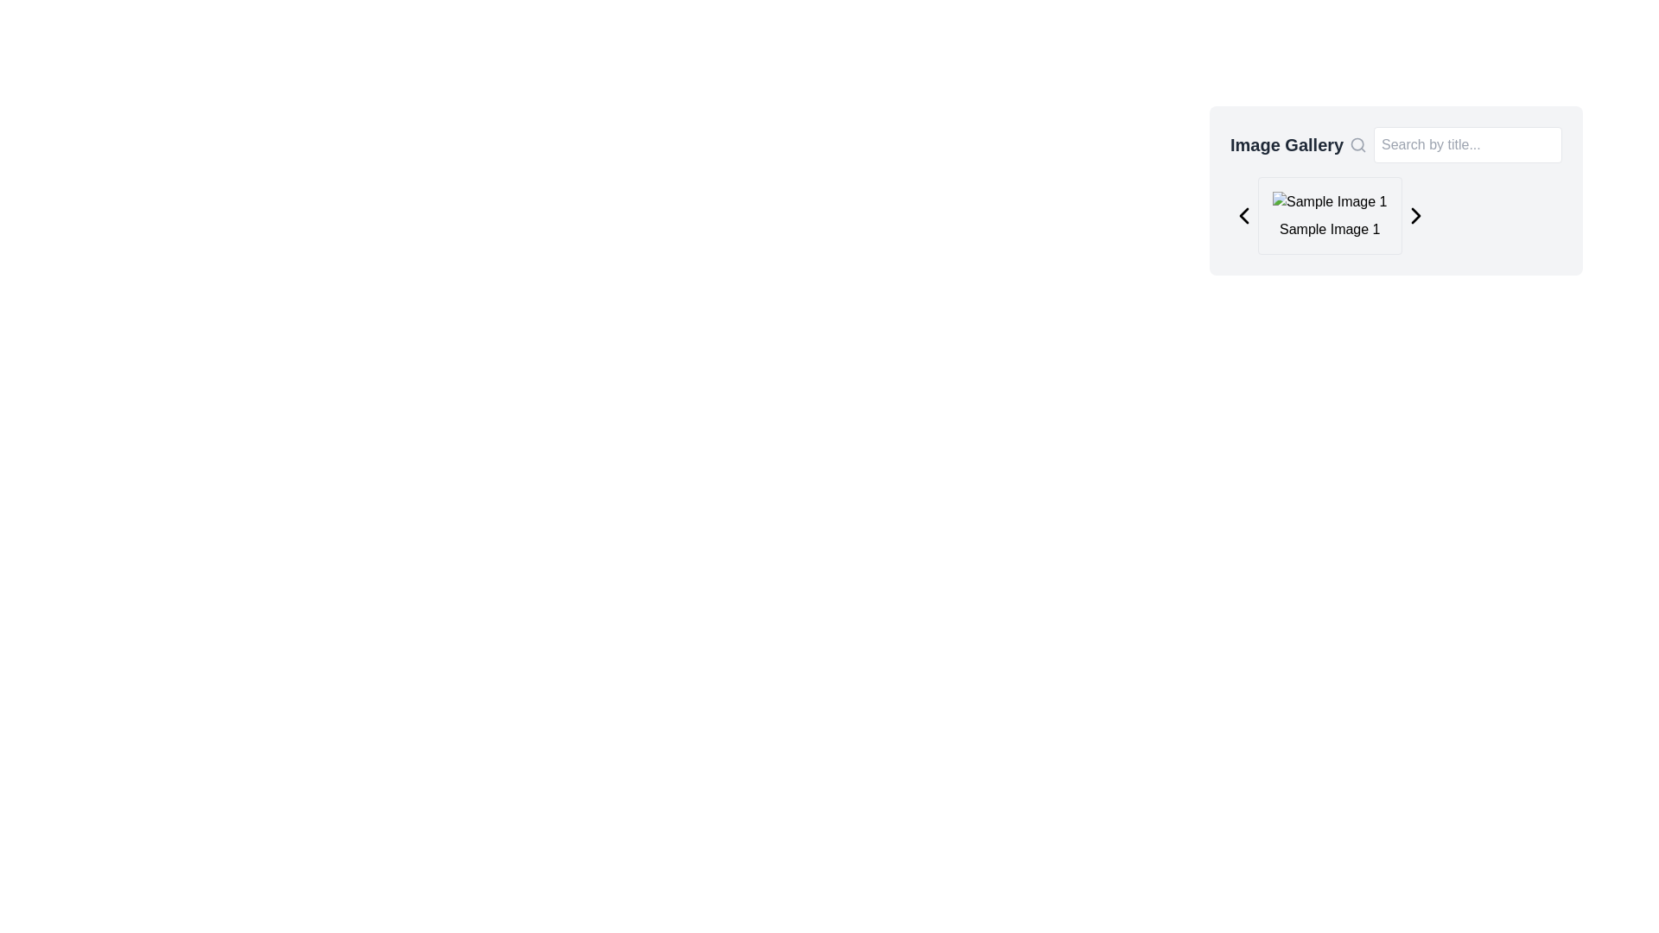 This screenshot has width=1659, height=933. Describe the element at coordinates (1415, 215) in the screenshot. I see `the right-facing chevron button located at the far right of the horizontal layout within the image gallery` at that location.